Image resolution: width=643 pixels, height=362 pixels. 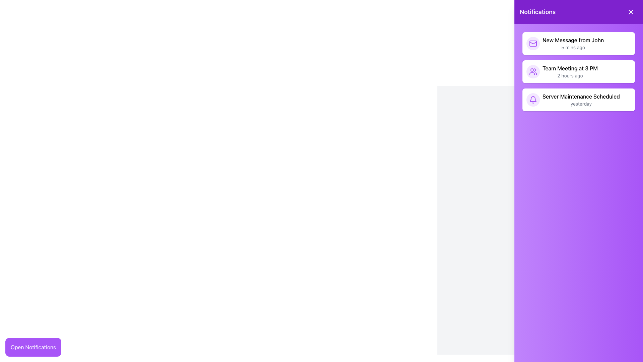 What do you see at coordinates (630, 12) in the screenshot?
I see `the decorative close icon (x icon) button located in the top-right corner of the purple notification panel` at bounding box center [630, 12].